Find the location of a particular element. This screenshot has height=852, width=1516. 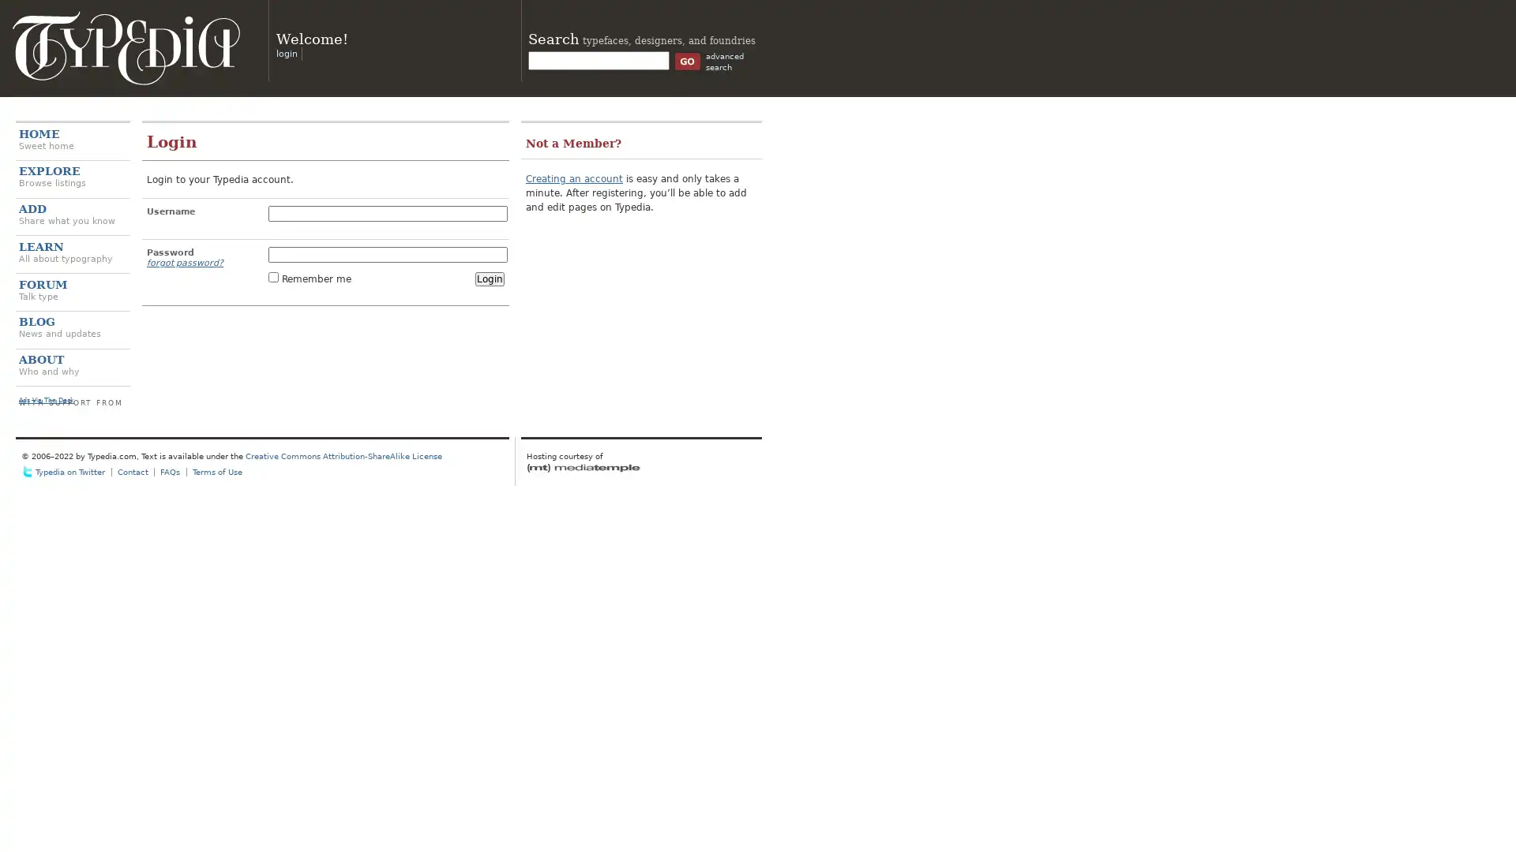

Go is located at coordinates (687, 60).